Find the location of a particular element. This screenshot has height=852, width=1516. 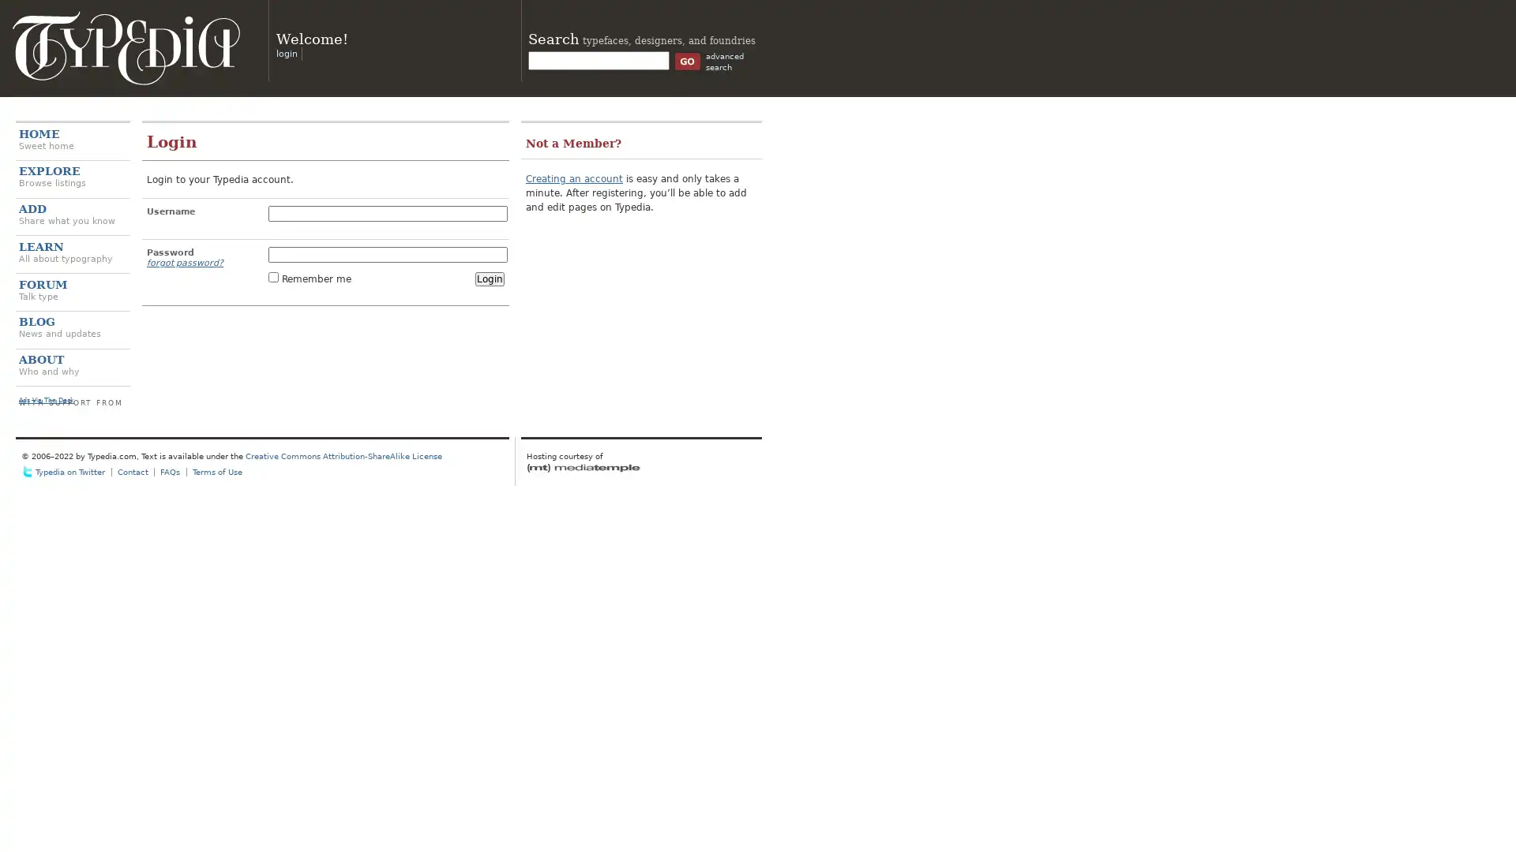

Go is located at coordinates (687, 60).